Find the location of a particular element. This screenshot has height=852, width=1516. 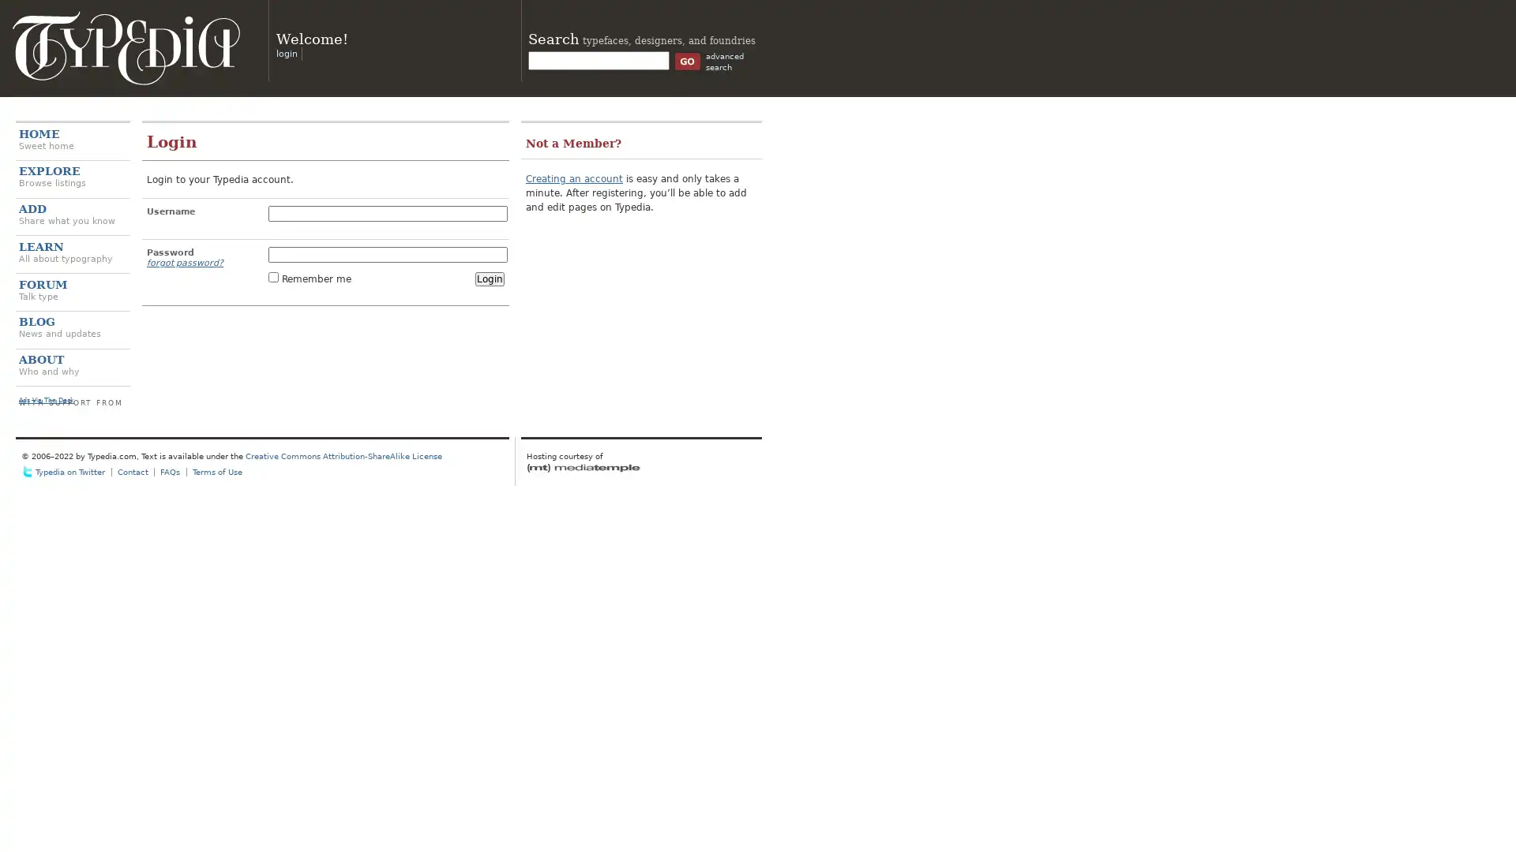

Go is located at coordinates (687, 60).